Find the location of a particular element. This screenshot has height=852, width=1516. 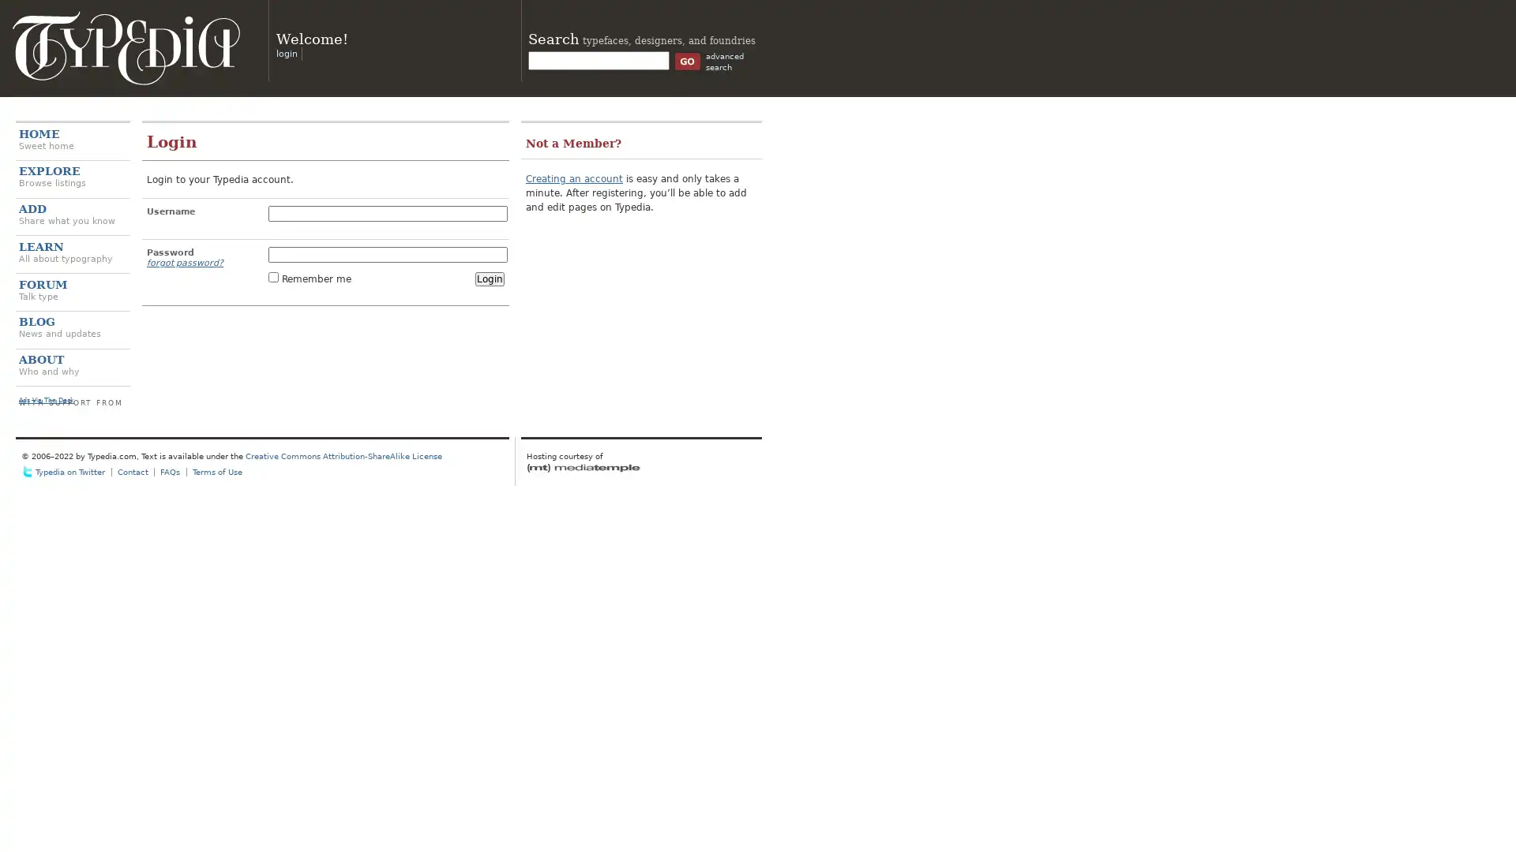

Go is located at coordinates (687, 60).